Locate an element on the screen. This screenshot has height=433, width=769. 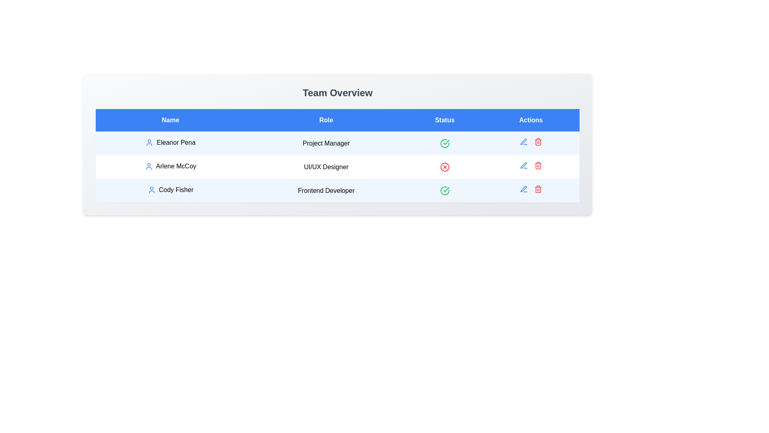
the edit icon in the 'Actions' column of the second row associated with the 'Arlene McCoy' record is located at coordinates (523, 142).